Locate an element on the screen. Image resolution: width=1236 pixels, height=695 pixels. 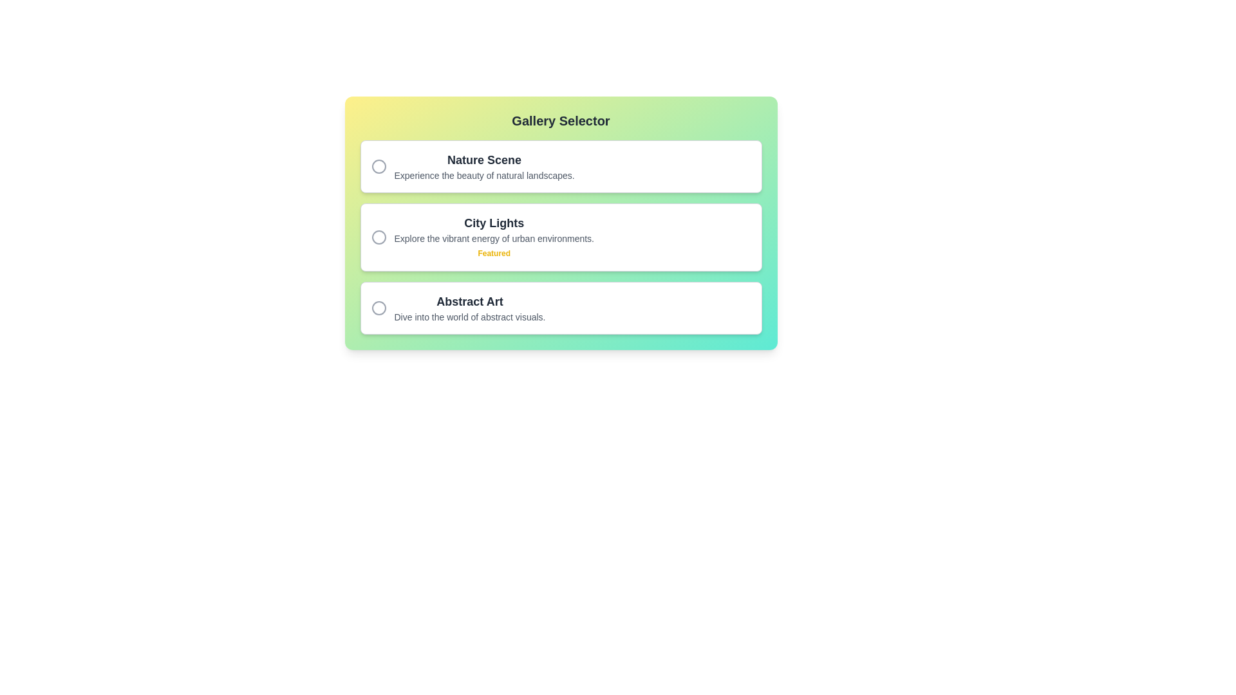
the selectable card in the gallery selection interface to interact with it is located at coordinates (561, 223).